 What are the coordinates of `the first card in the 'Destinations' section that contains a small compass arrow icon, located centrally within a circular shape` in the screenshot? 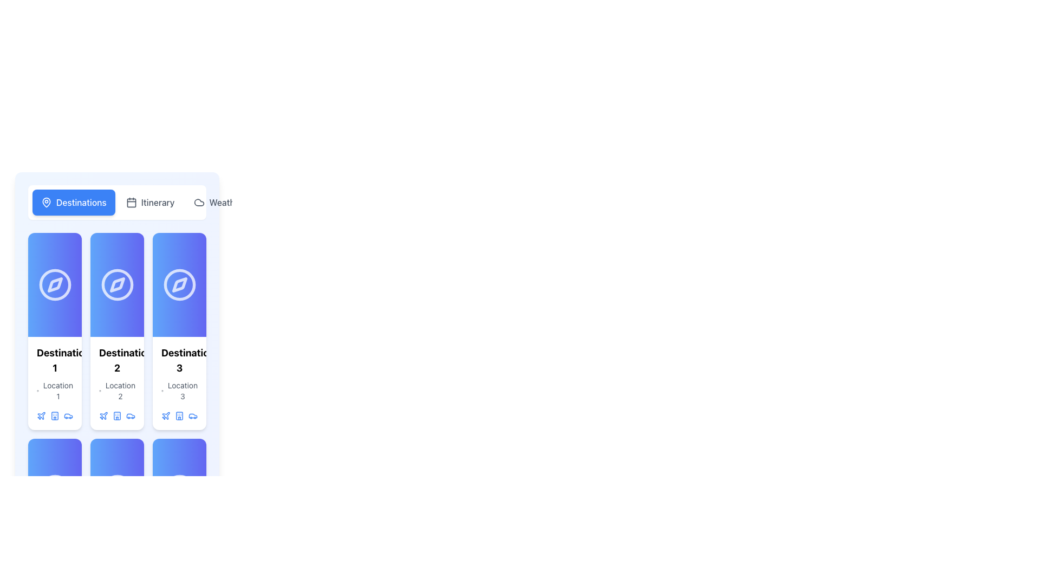 It's located at (54, 284).